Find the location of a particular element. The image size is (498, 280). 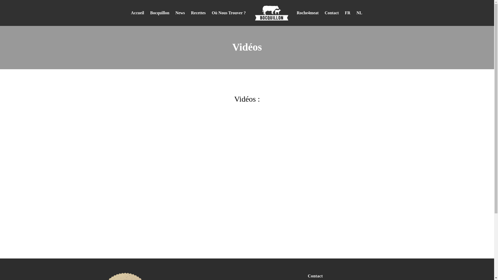

'Bocquillon' is located at coordinates (159, 13).